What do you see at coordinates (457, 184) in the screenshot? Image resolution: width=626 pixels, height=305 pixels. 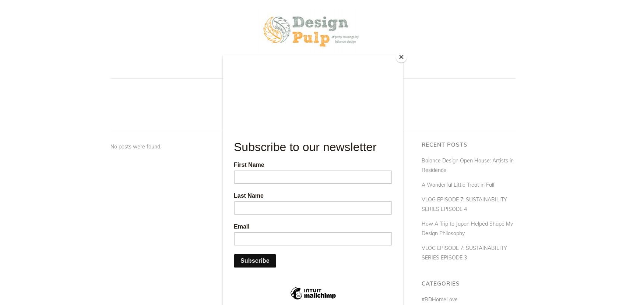 I see `'A Wonderful Little Treat in Fall'` at bounding box center [457, 184].